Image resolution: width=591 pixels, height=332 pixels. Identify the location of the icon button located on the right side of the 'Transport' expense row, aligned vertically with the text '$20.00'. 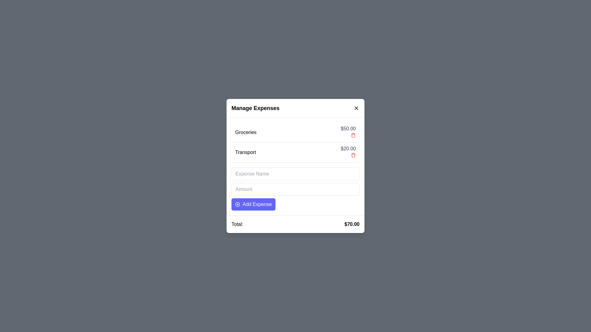
(353, 155).